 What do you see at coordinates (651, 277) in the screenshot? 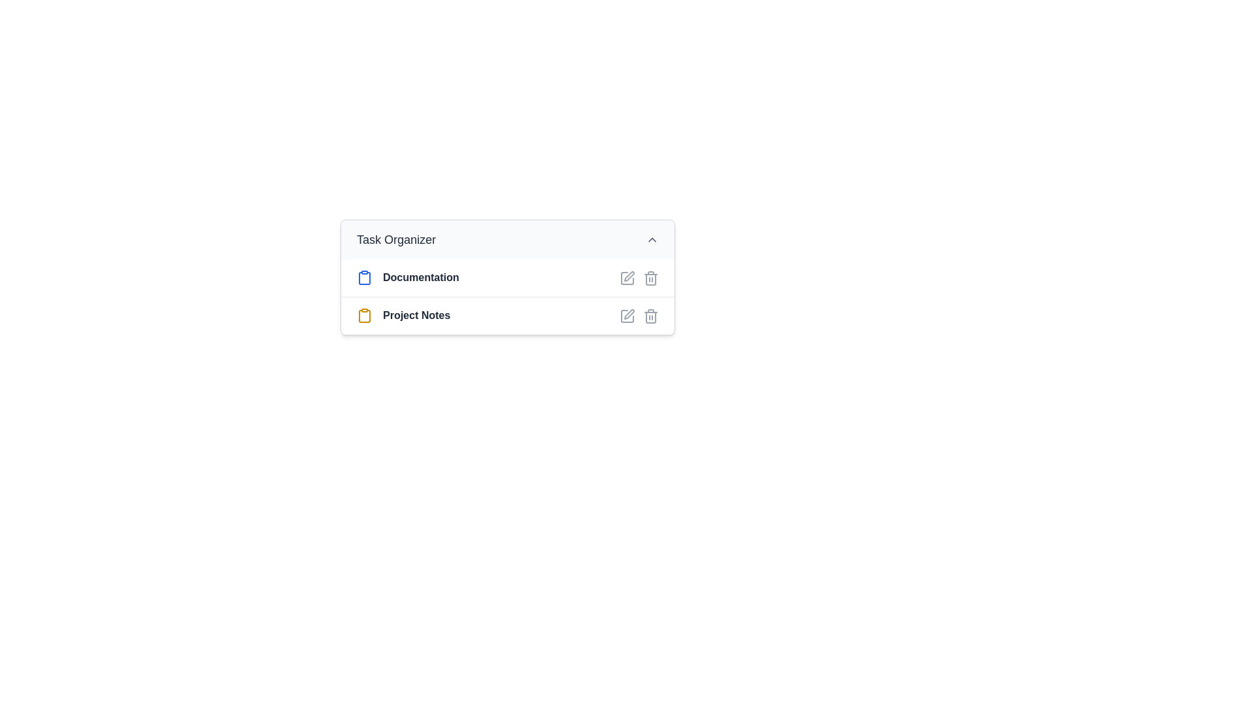
I see `the trash bin icon button located on the right side of the 'Documentation' task row to change its color` at bounding box center [651, 277].